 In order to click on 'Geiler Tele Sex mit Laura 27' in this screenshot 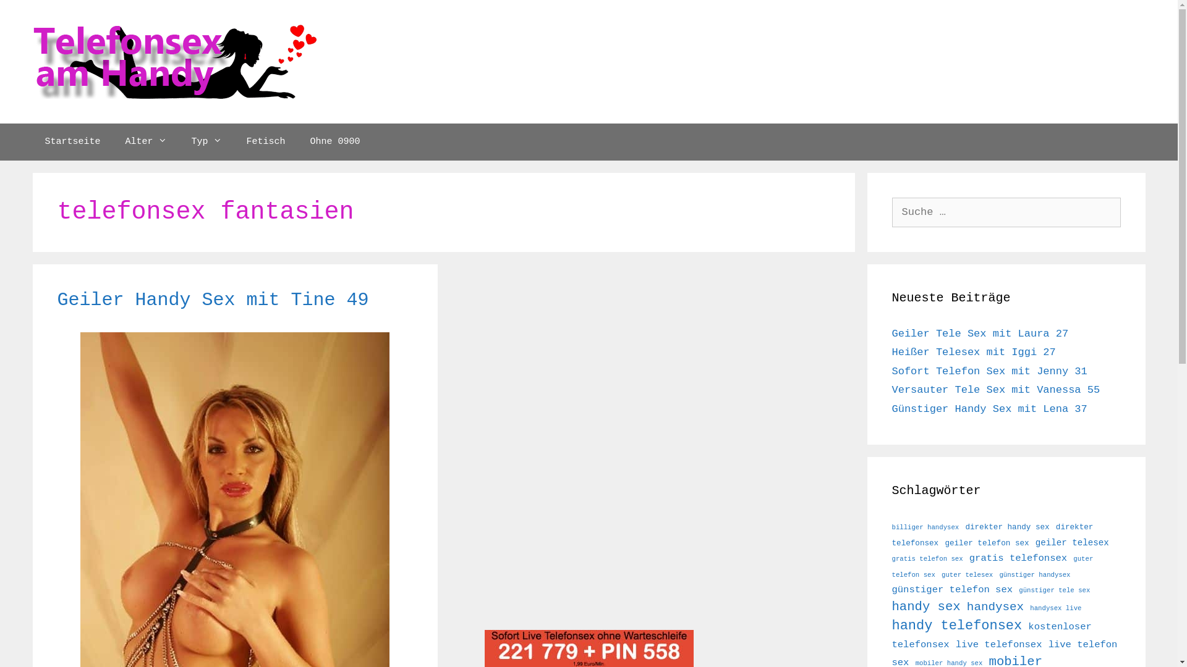, I will do `click(979, 332)`.